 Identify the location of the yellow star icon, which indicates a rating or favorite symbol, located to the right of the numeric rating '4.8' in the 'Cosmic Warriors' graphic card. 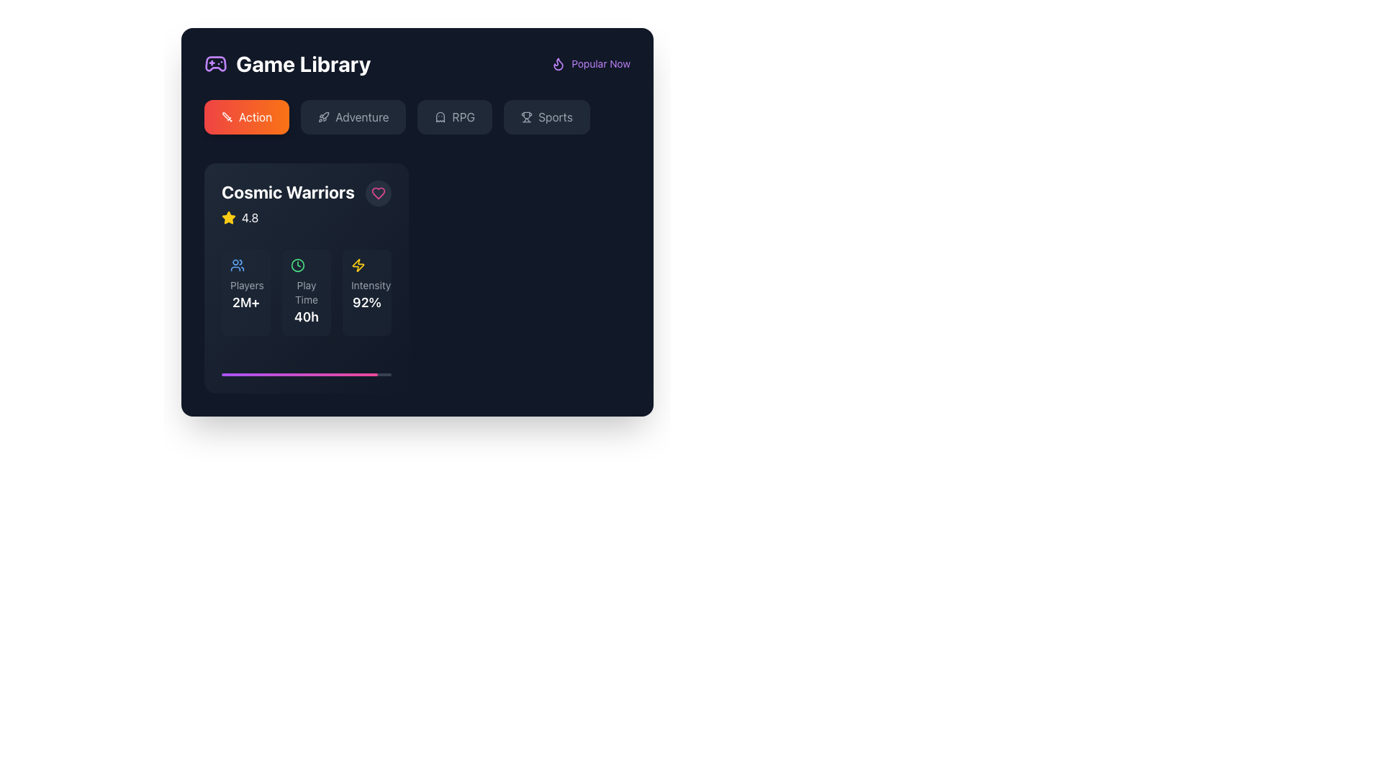
(227, 217).